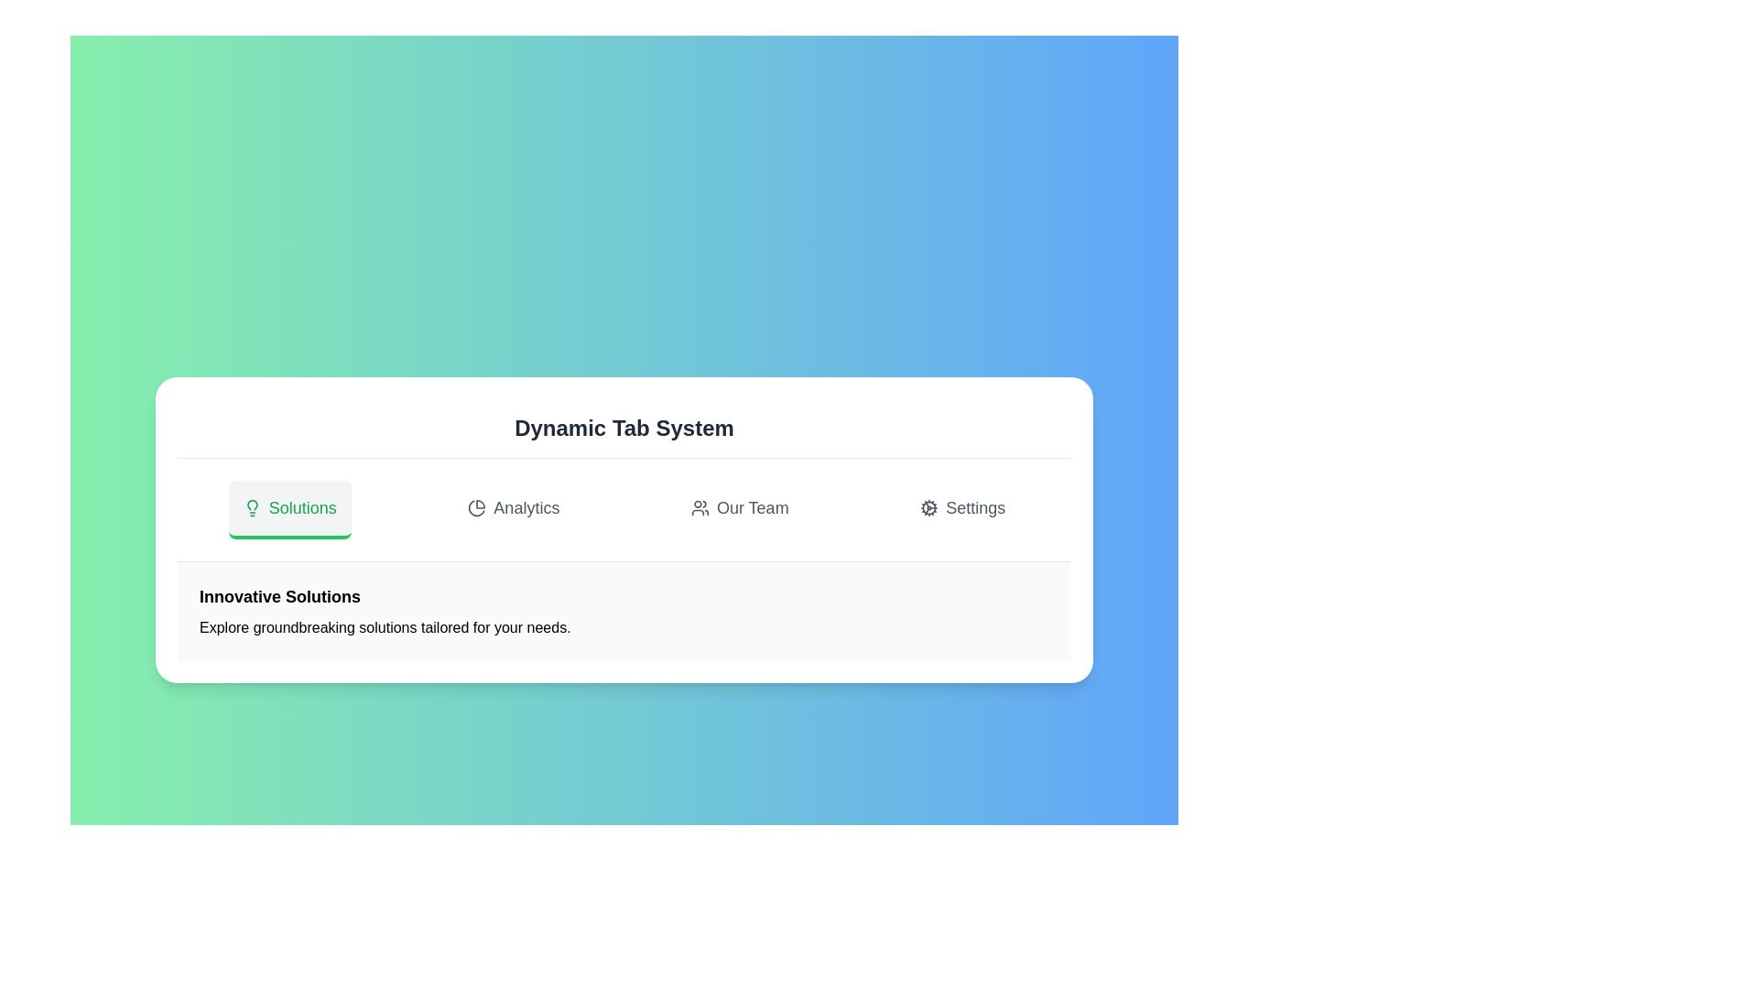  I want to click on the 'Our Team' tab which is the third tab from the left in the top navigation group, represented by an icon that enhances the text label, so click(699, 508).